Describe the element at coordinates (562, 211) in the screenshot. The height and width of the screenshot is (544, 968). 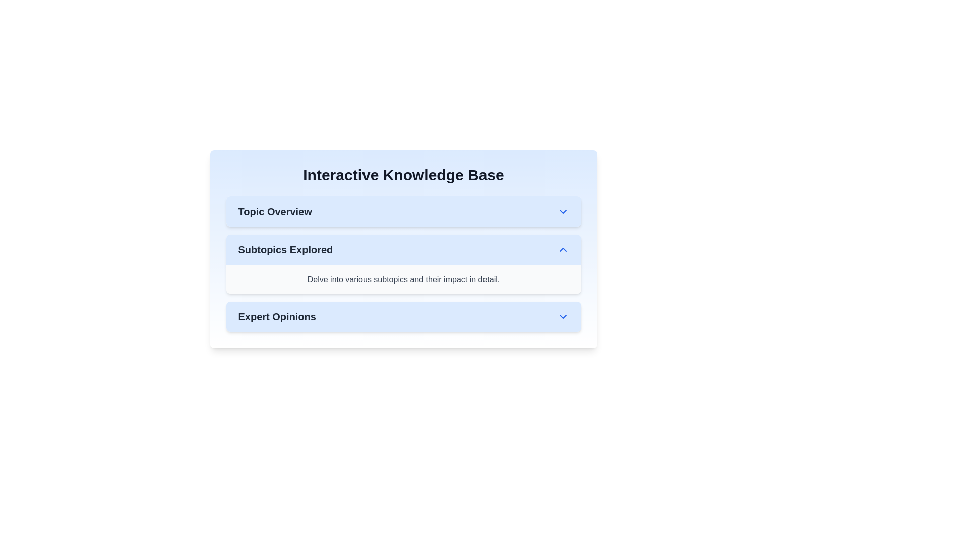
I see `the interactive icon located on the right-hand side of the 'Topic Overview' section to potentially trigger a visual change` at that location.